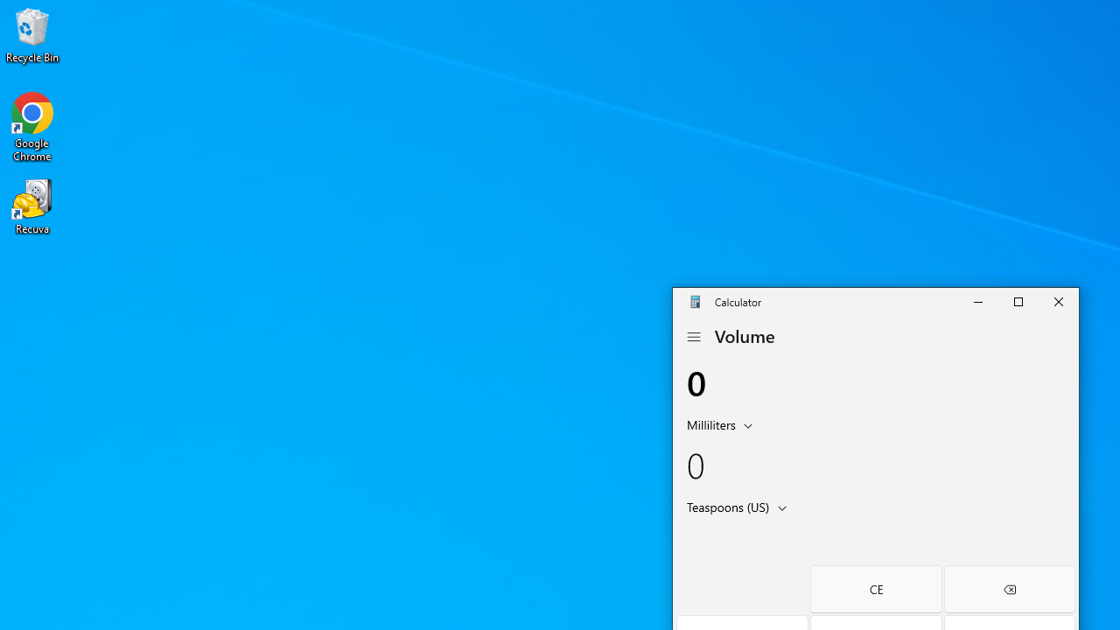  Describe the element at coordinates (723, 423) in the screenshot. I see `'Input unit'` at that location.